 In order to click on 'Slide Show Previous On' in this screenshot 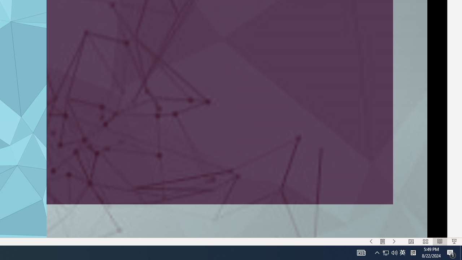, I will do `click(371, 242)`.